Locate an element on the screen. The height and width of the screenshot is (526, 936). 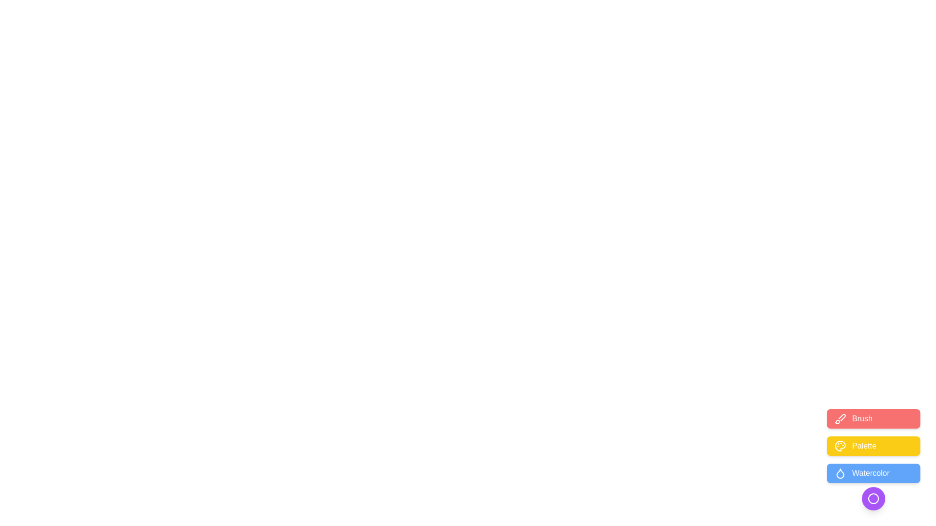
the 'Watercolor' button to select the watercolor tool is located at coordinates (873, 473).